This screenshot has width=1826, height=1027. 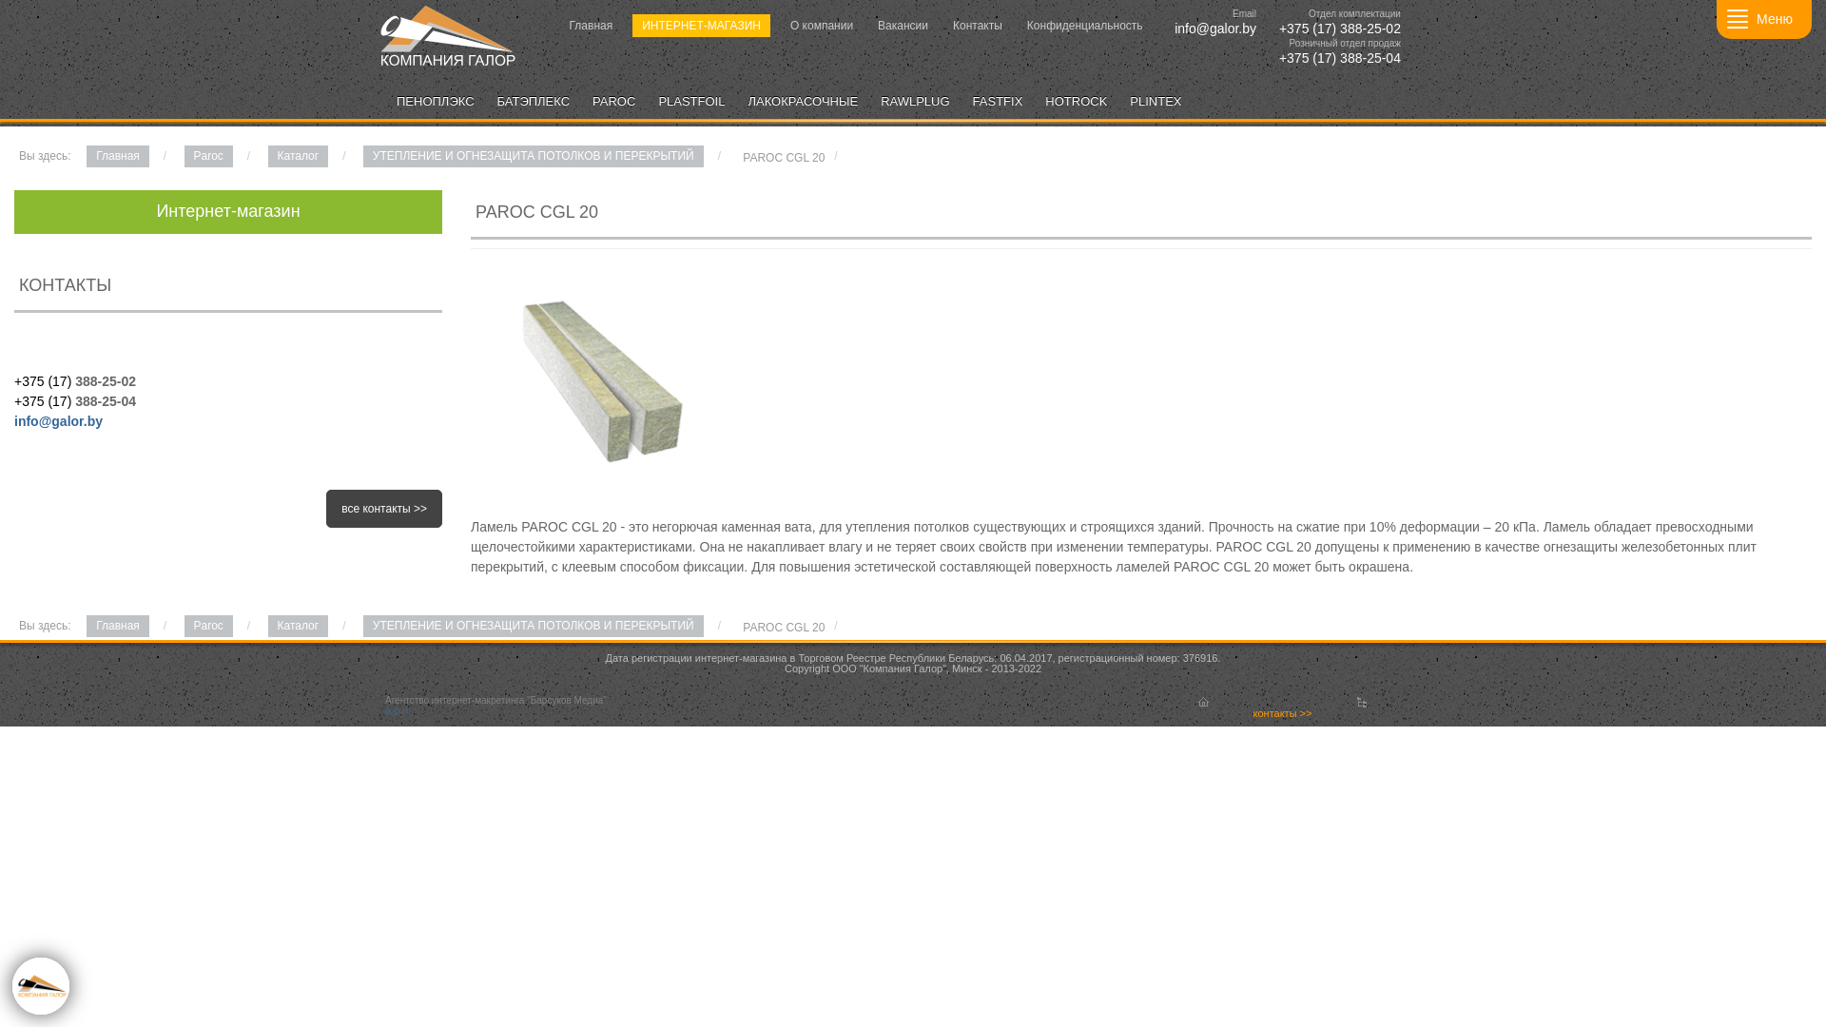 I want to click on 'a.p.n', so click(x=396, y=715).